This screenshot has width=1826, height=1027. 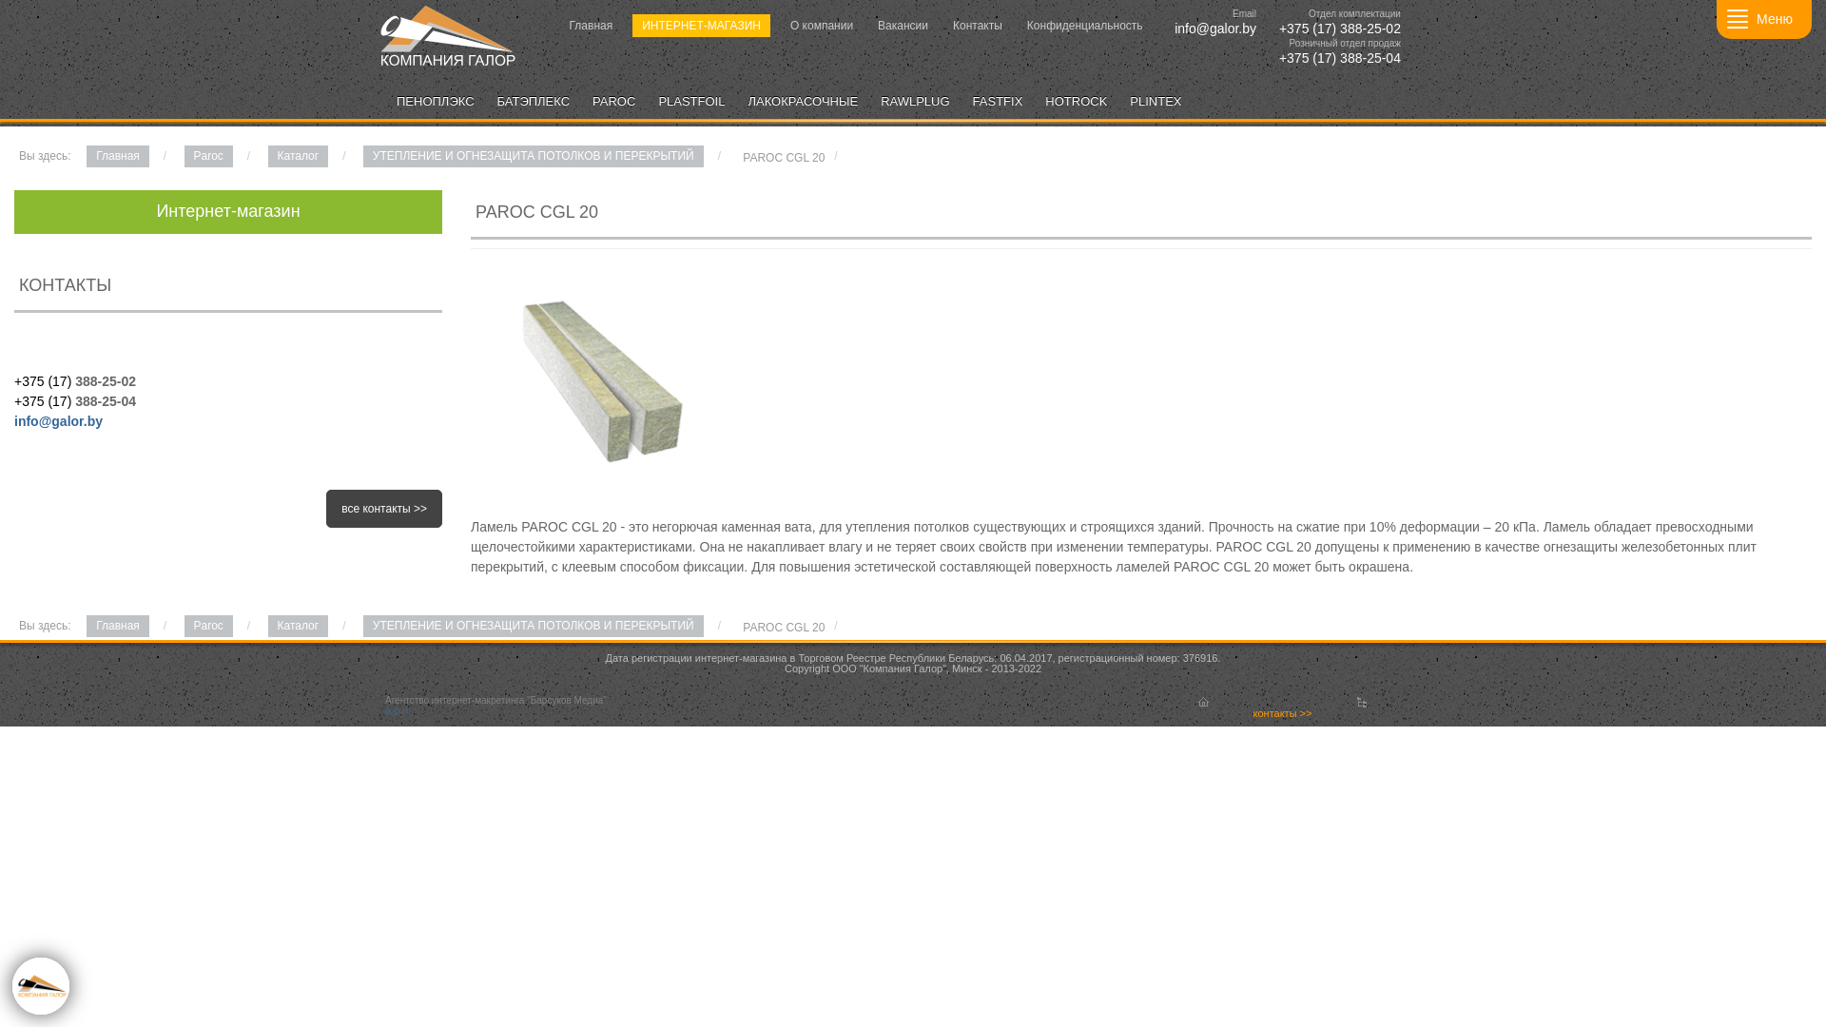 I want to click on 'a.p.n', so click(x=396, y=715).